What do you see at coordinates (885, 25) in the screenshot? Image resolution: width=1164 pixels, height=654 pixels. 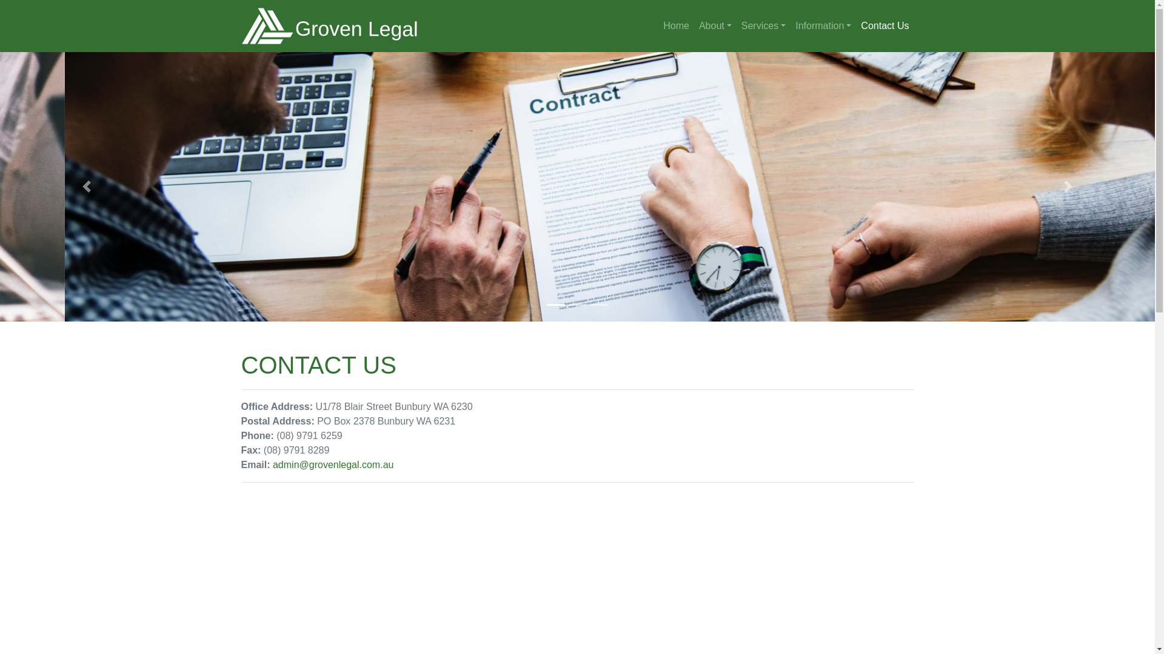 I see `'Contact Us'` at bounding box center [885, 25].